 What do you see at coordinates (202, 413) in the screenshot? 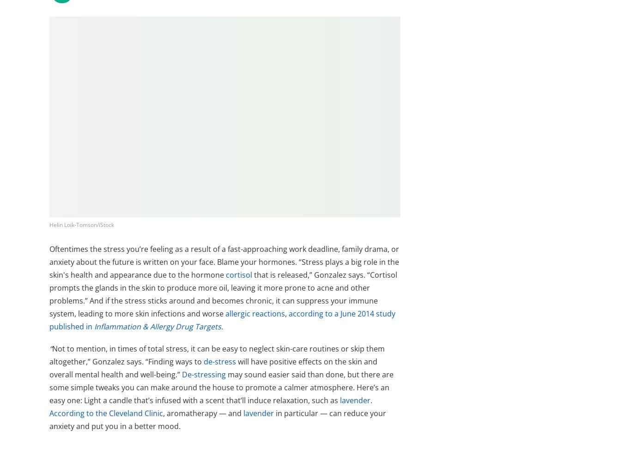
I see `', aromatherapy — and'` at bounding box center [202, 413].